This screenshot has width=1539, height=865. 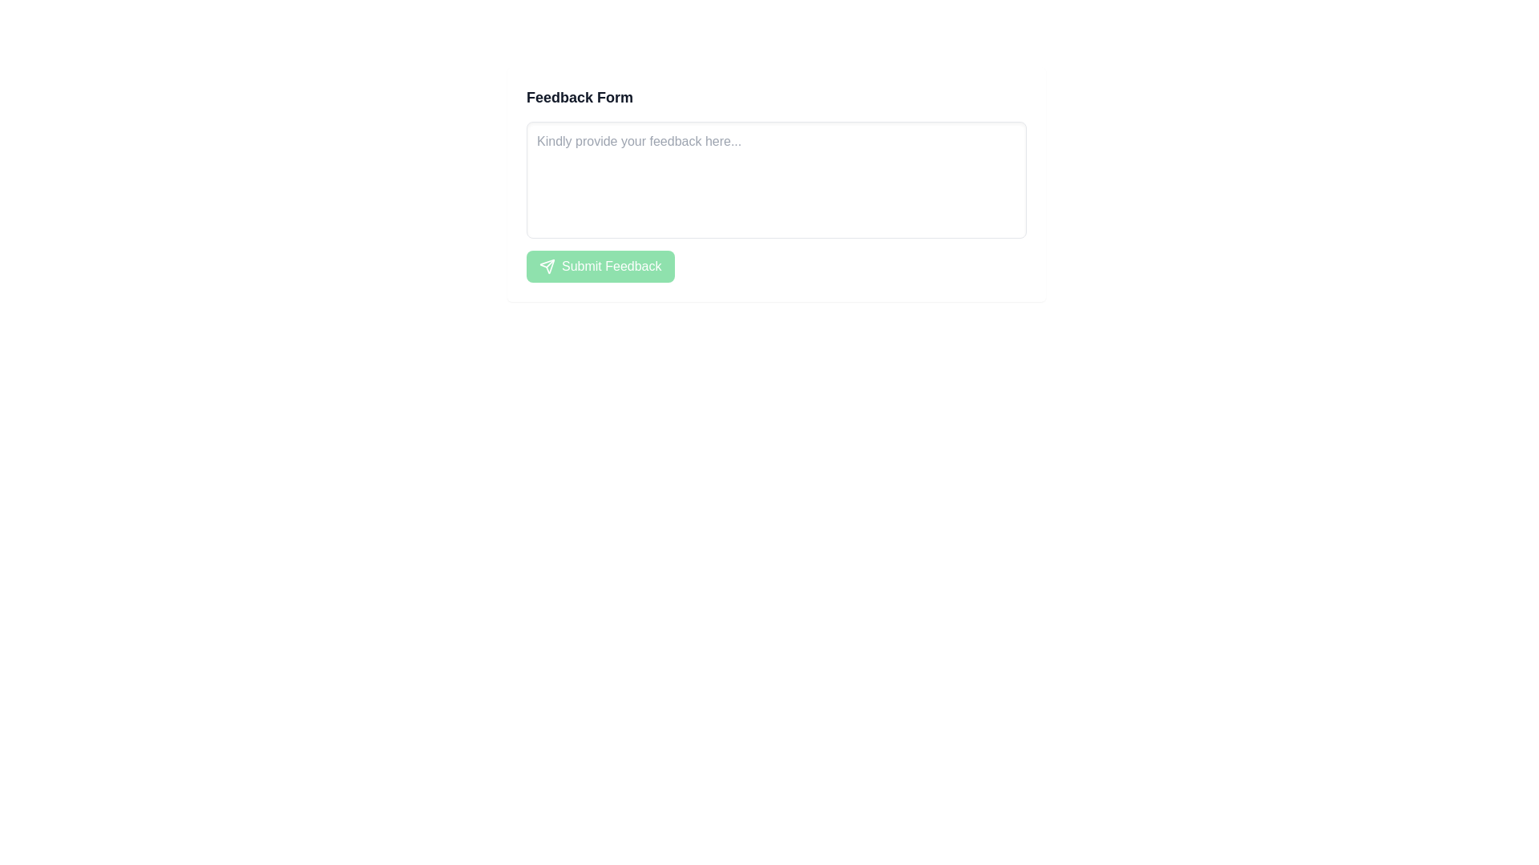 I want to click on the 'Submit Feedback' button which contains a triangular-shaped decorative icon at its bottom, so click(x=547, y=265).